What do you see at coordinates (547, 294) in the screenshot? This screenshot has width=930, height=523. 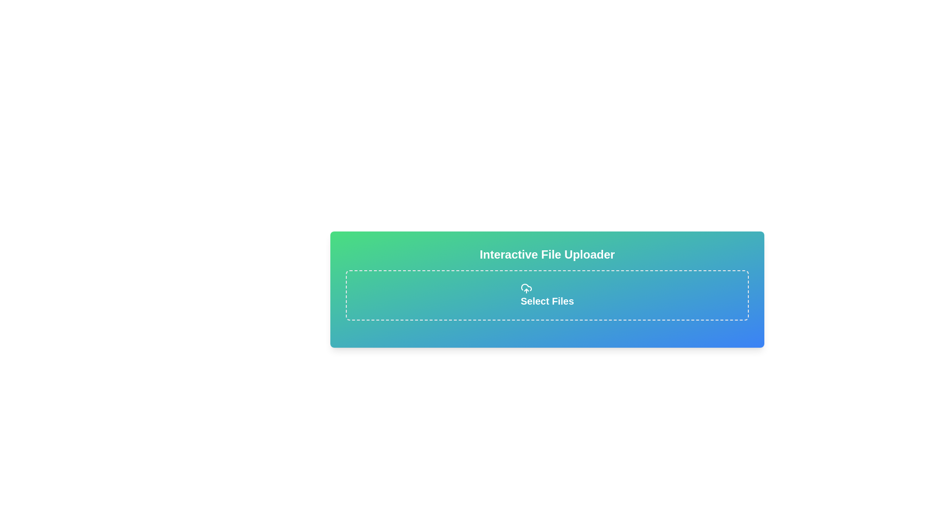 I see `the 'Select Files' label` at bounding box center [547, 294].